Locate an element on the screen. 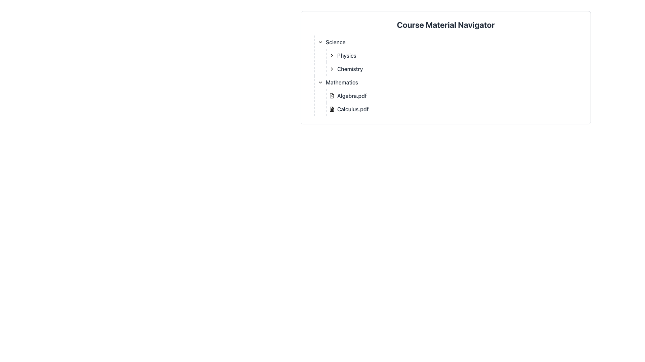 The height and width of the screenshot is (362, 645). the file icon represented by a rectangular shape with a folded corner, located below the 'Calculus.pdf' text in the 'Mathematics' section is located at coordinates (332, 109).